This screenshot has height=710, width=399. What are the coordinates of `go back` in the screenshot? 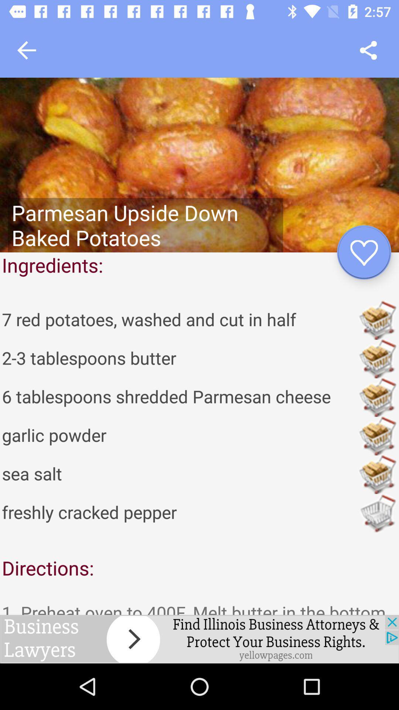 It's located at (26, 50).